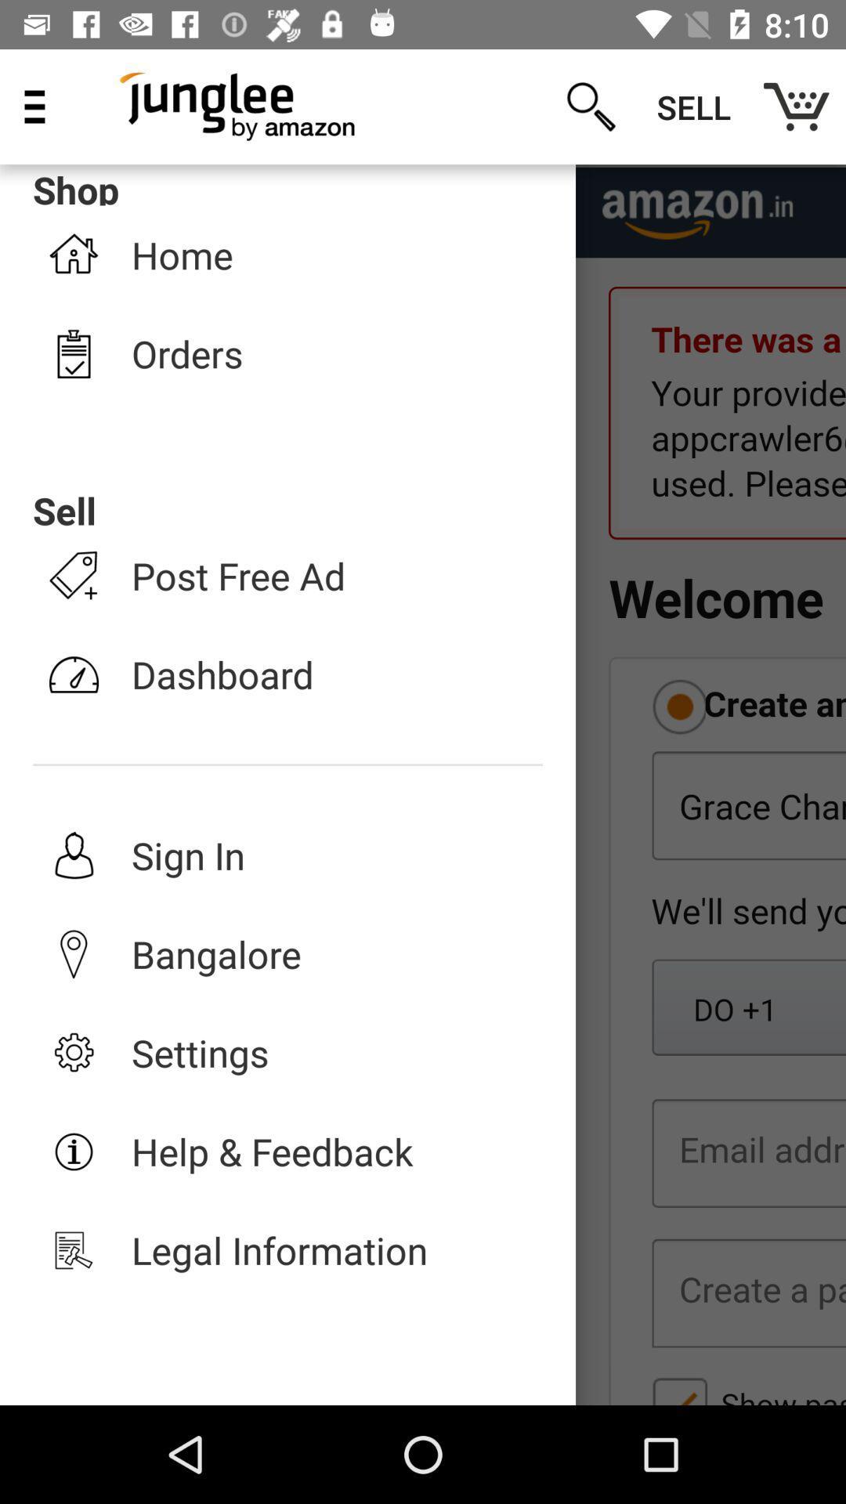 Image resolution: width=846 pixels, height=1504 pixels. I want to click on the item to the left of sell icon, so click(591, 106).